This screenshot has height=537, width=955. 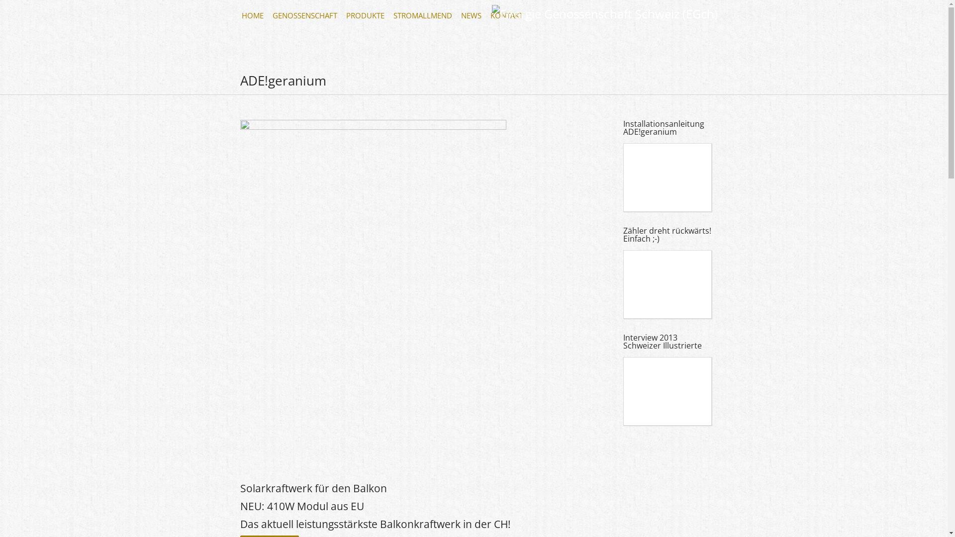 What do you see at coordinates (701, 291) in the screenshot?
I see `'YouTube video player'` at bounding box center [701, 291].